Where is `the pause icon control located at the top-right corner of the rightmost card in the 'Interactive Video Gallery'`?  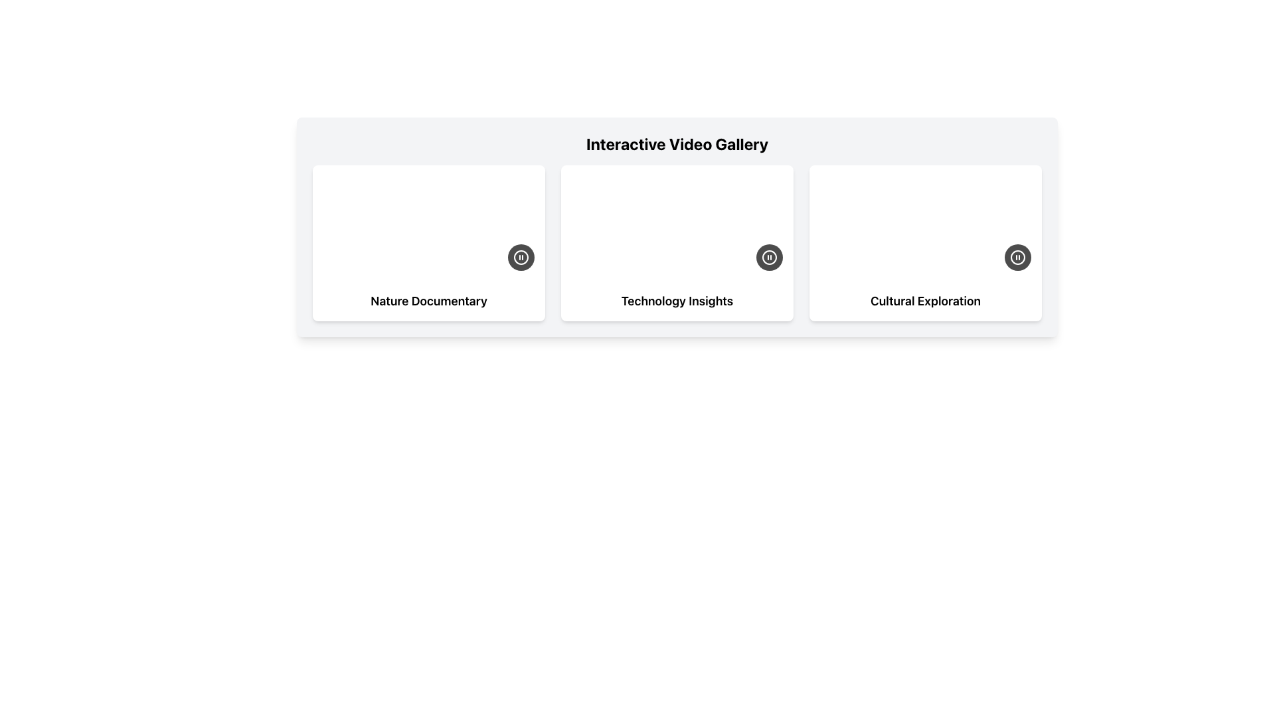 the pause icon control located at the top-right corner of the rightmost card in the 'Interactive Video Gallery' is located at coordinates (1017, 258).